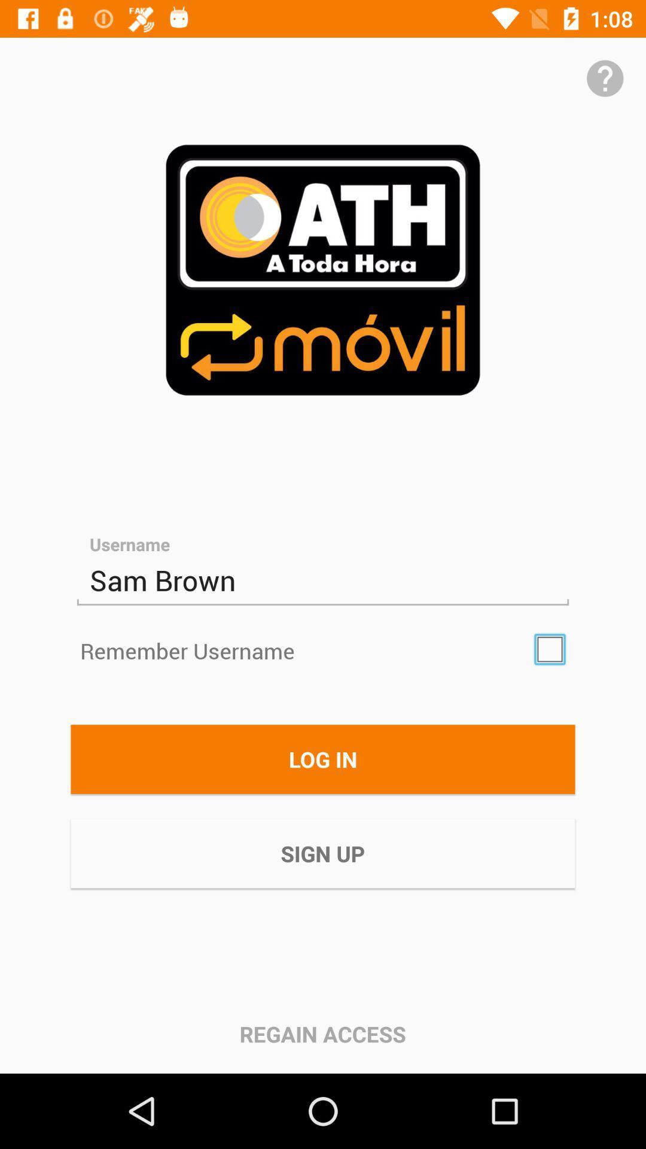 This screenshot has height=1149, width=646. I want to click on item above the sign up item, so click(323, 758).